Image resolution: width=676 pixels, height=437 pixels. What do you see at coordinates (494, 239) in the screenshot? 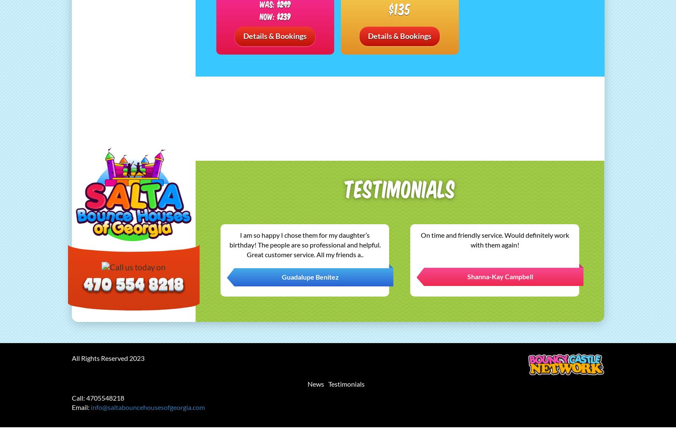
I see `'On time and friendly service. Would definitely work with them again!'` at bounding box center [494, 239].